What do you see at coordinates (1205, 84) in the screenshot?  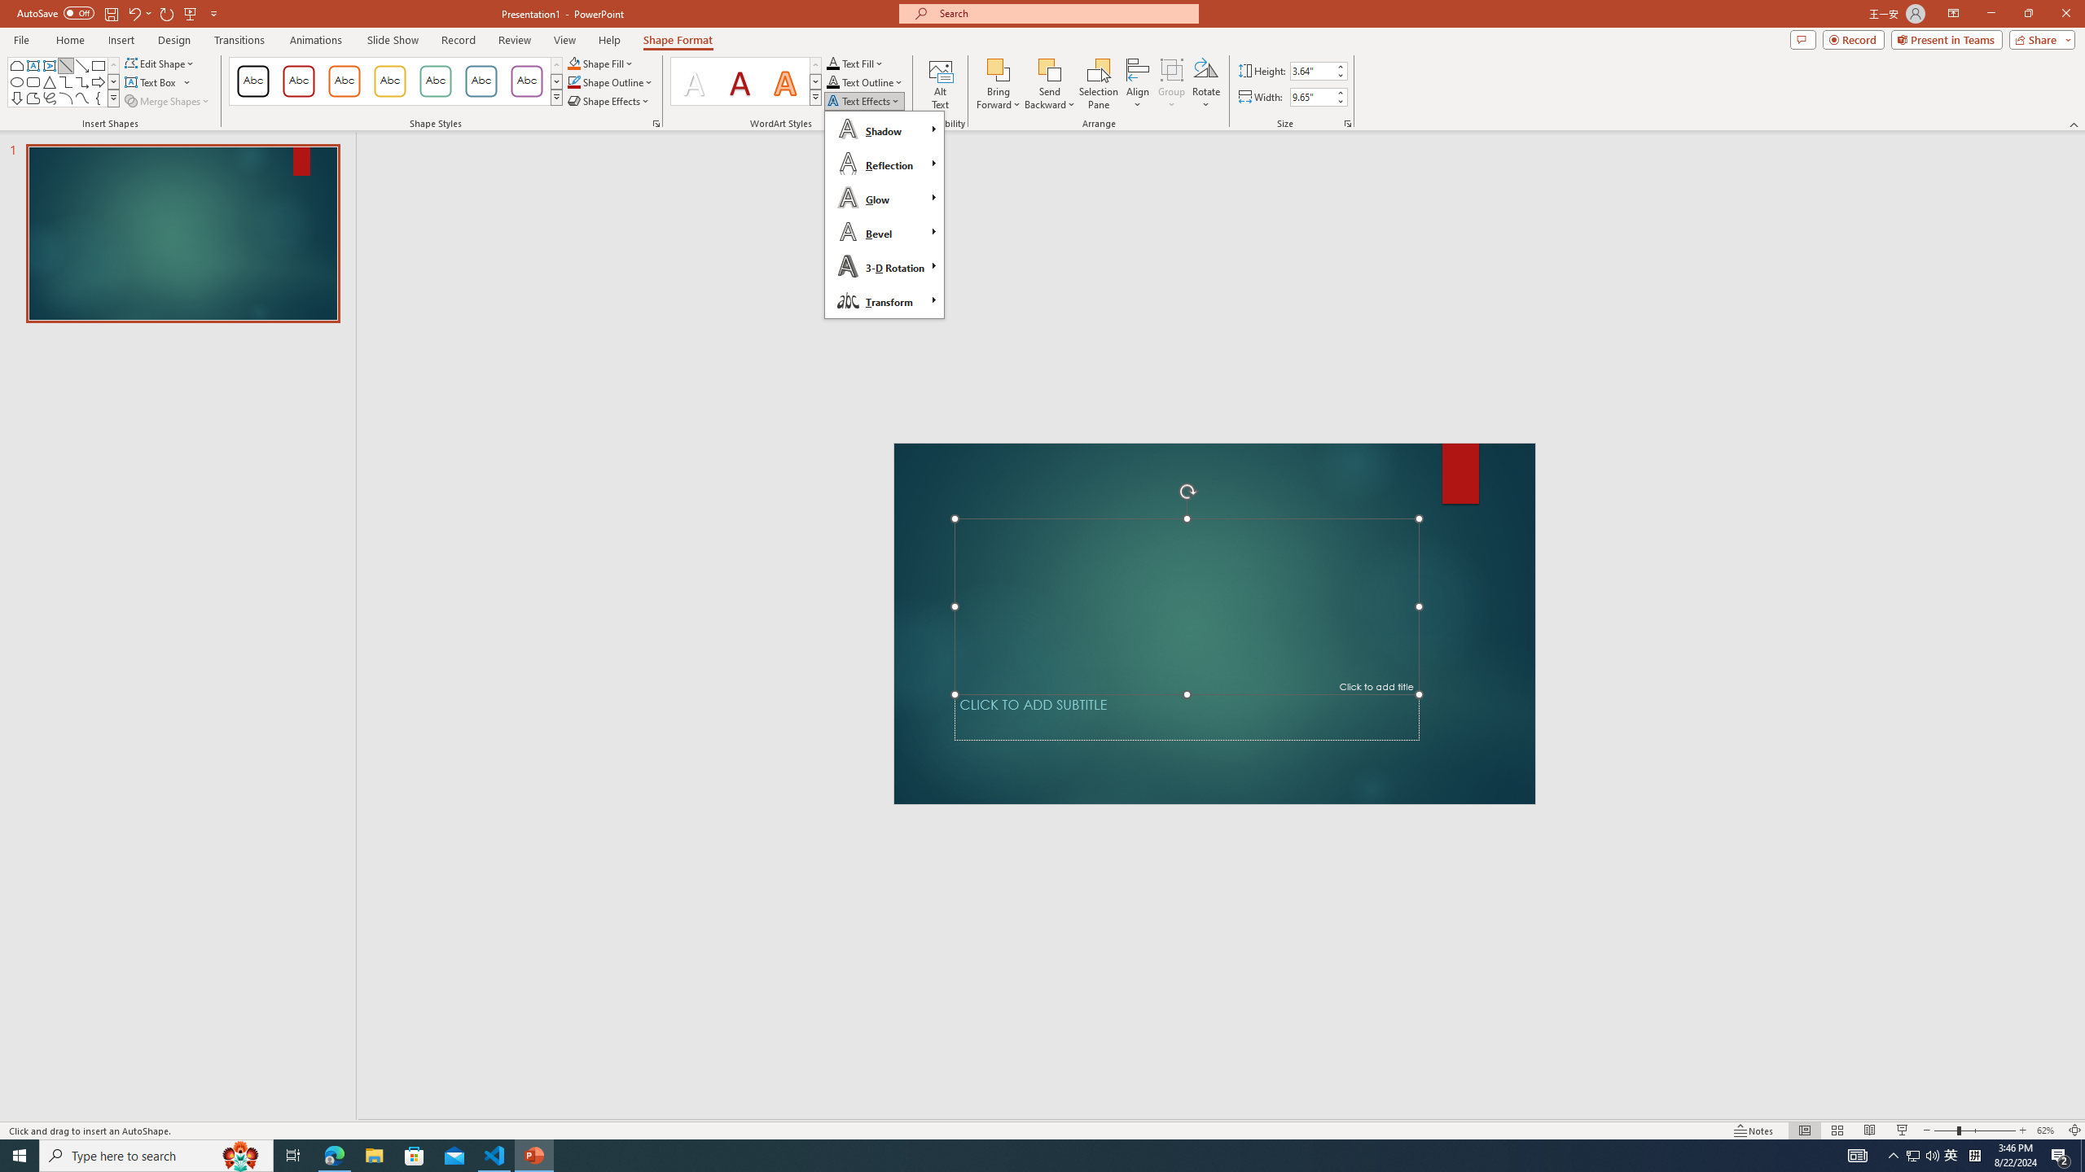 I see `'Rotate'` at bounding box center [1205, 84].